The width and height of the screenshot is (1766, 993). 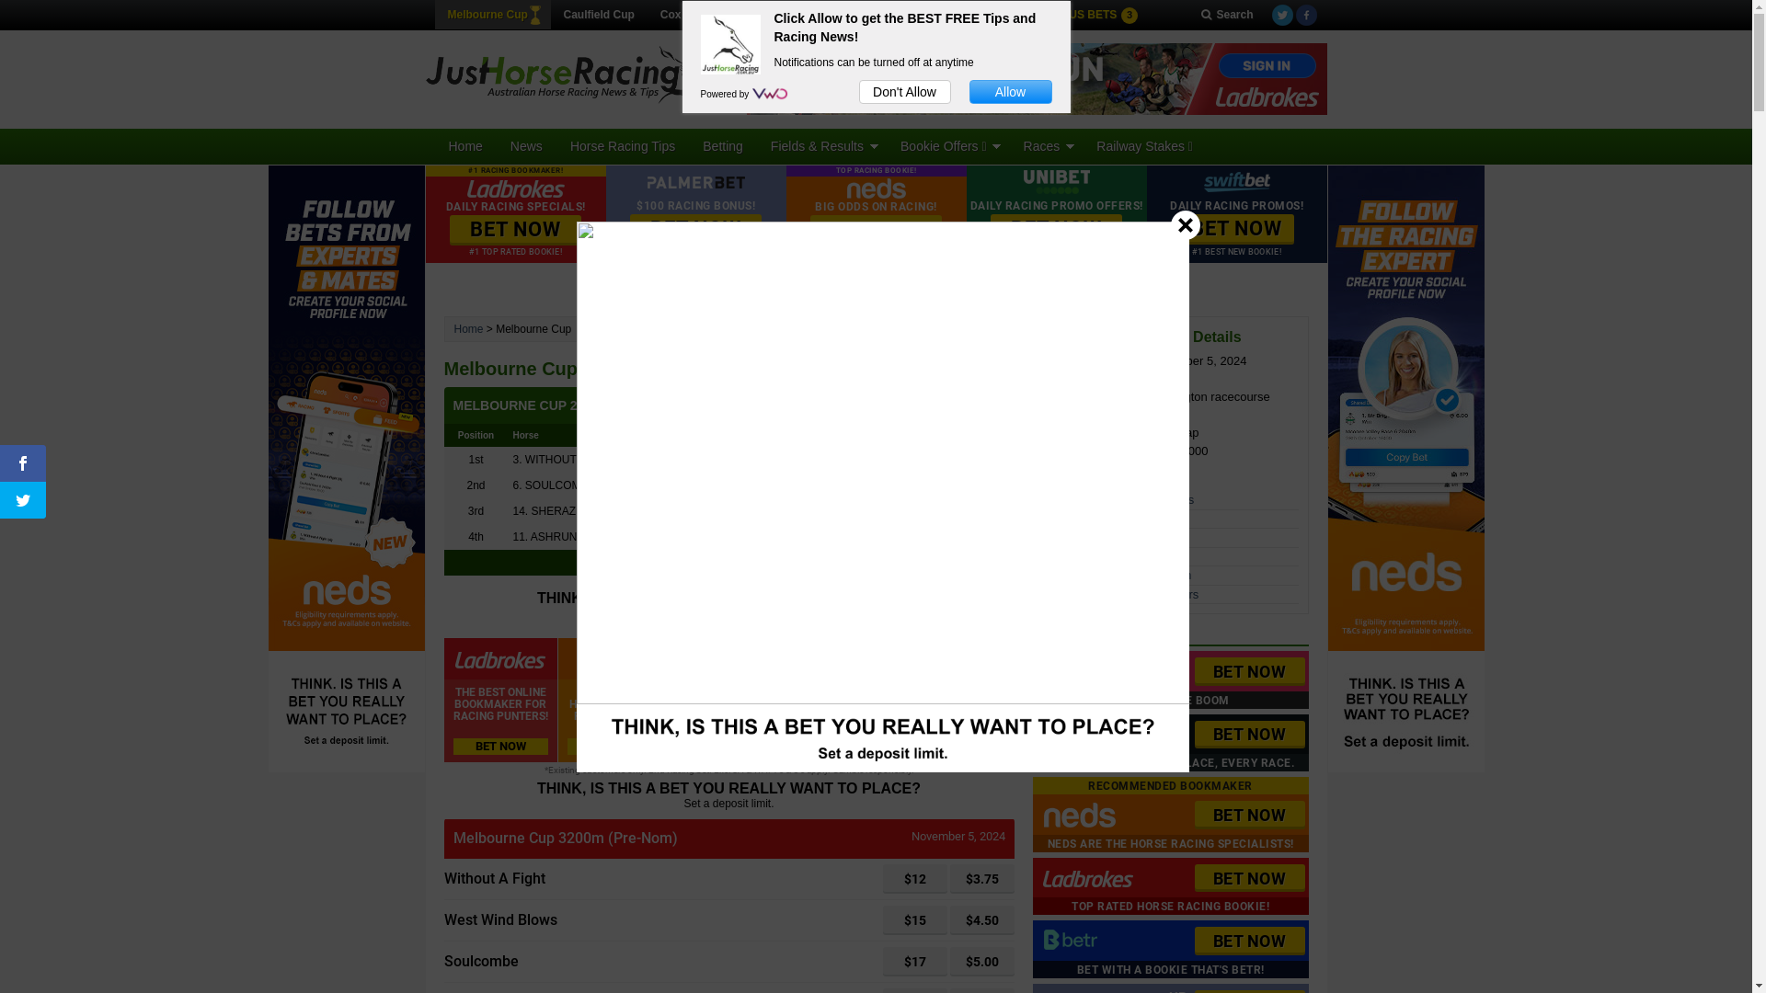 I want to click on 'Fields & Results', so click(x=756, y=144).